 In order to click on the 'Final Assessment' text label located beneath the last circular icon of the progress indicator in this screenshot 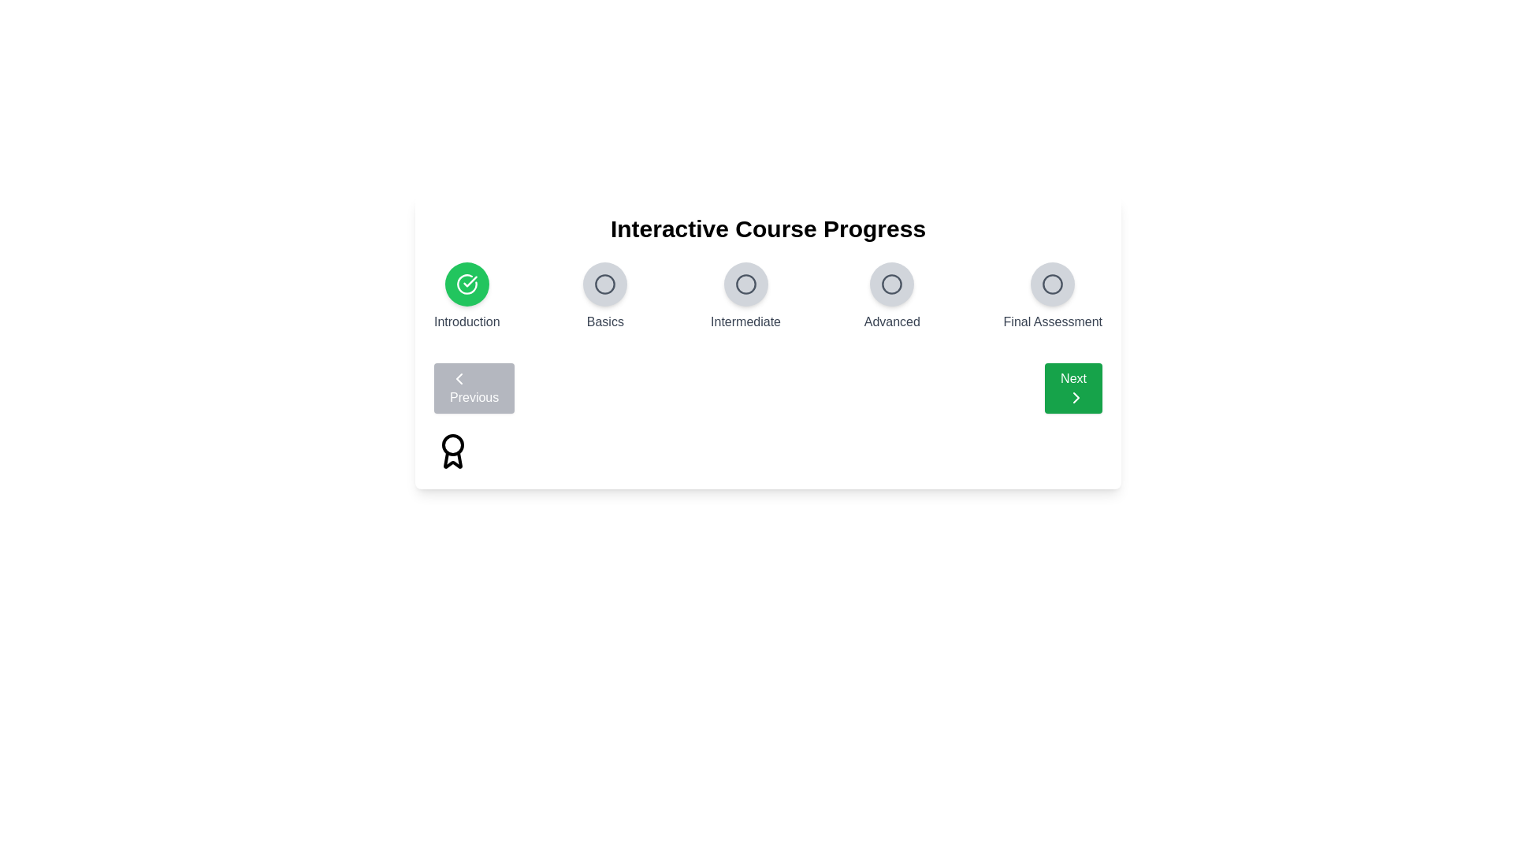, I will do `click(1053, 321)`.